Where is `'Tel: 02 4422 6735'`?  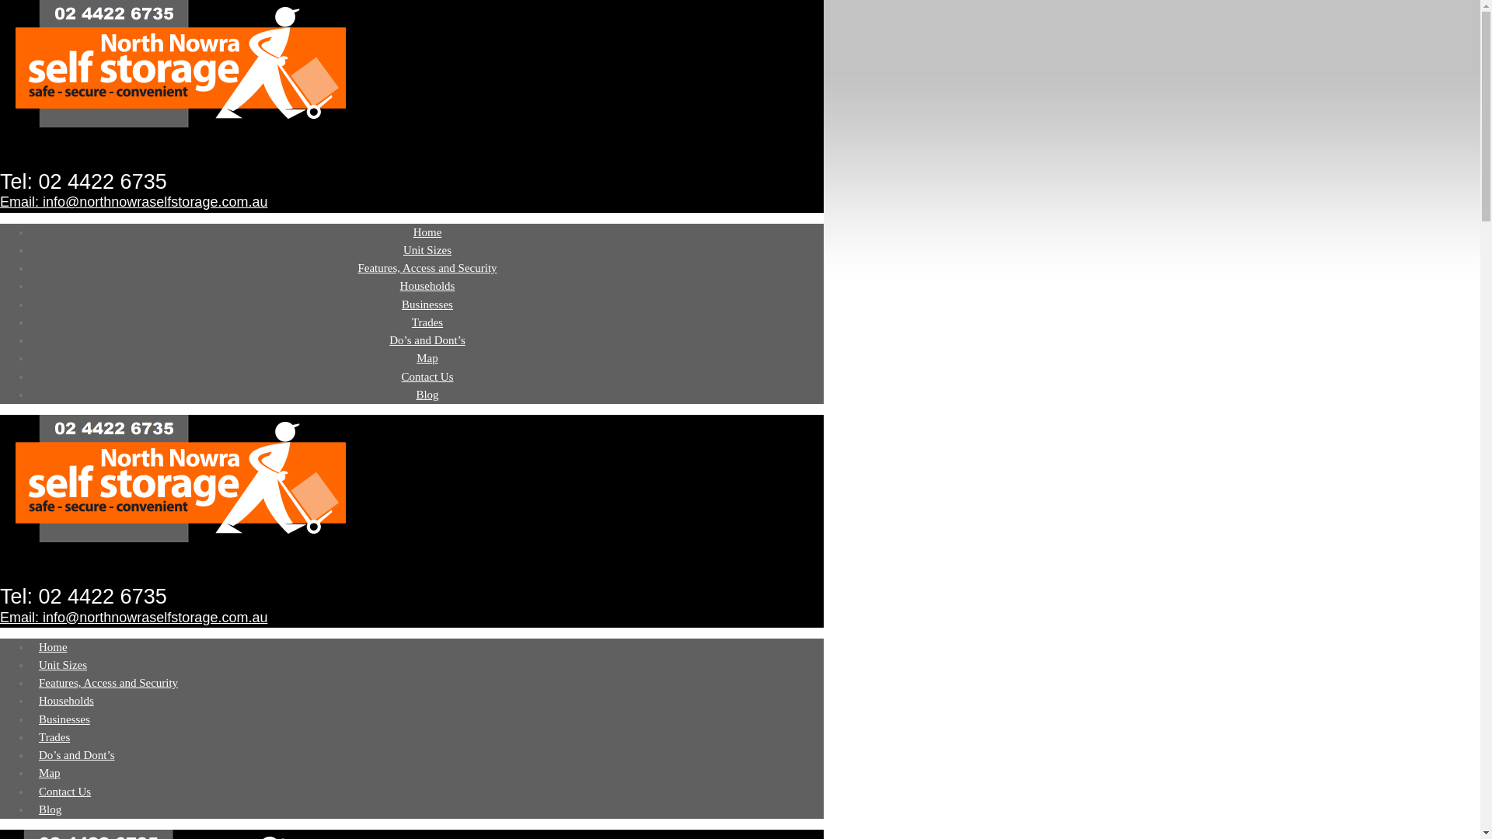 'Tel: 02 4422 6735' is located at coordinates (82, 595).